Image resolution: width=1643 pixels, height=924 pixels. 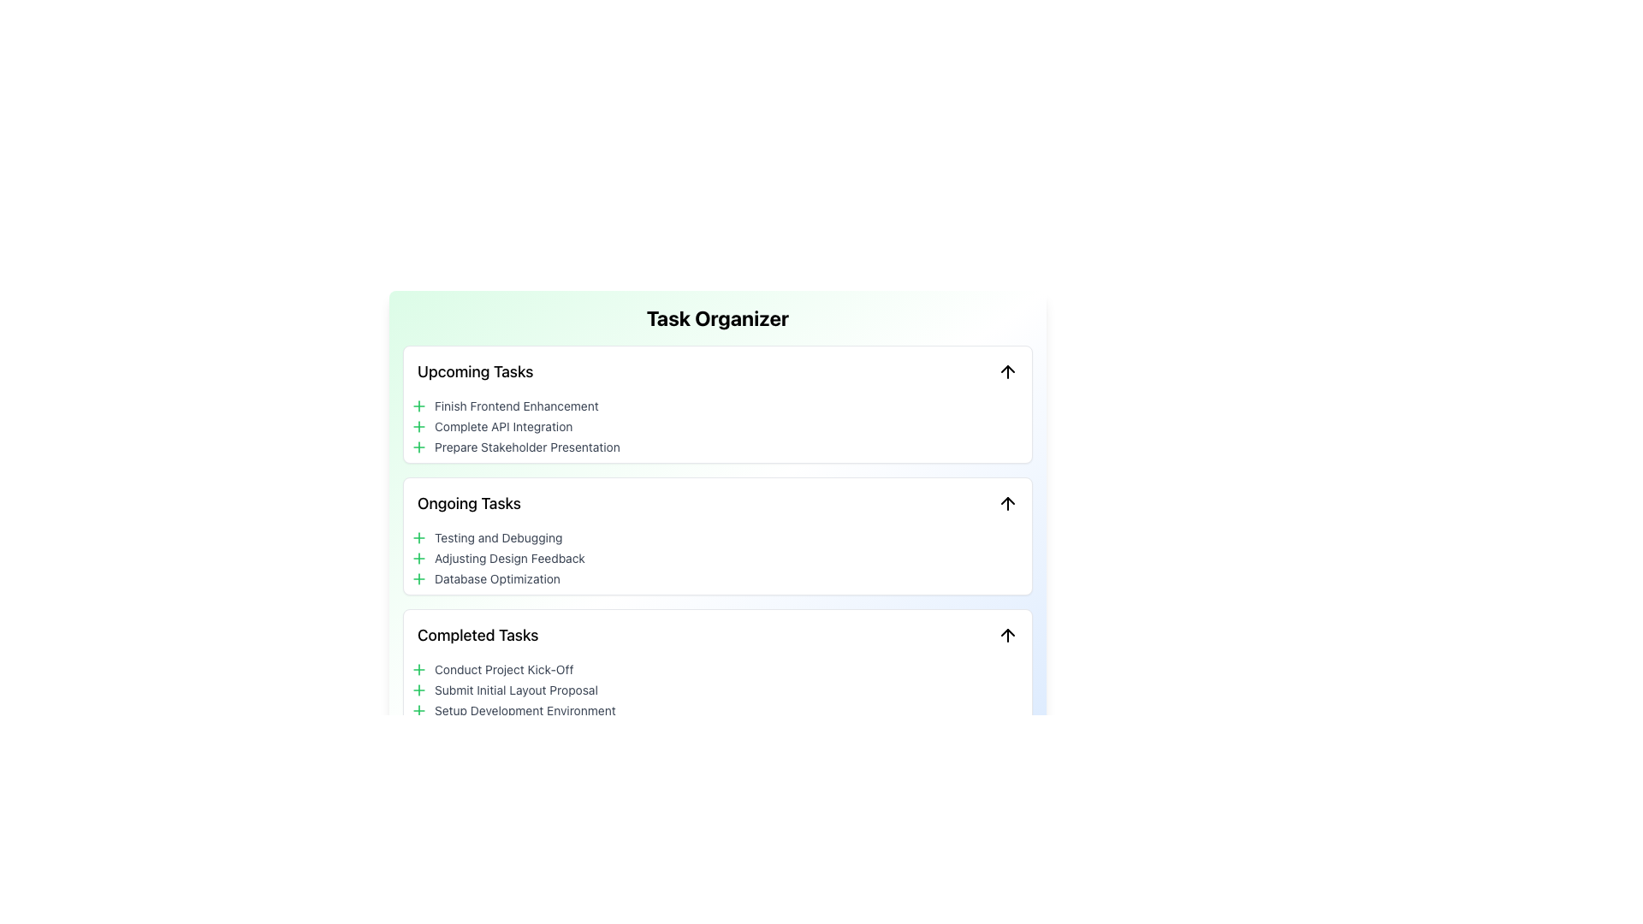 I want to click on the 'Database Optimization' list item in the 'Ongoing Tasks' section, so click(x=718, y=578).